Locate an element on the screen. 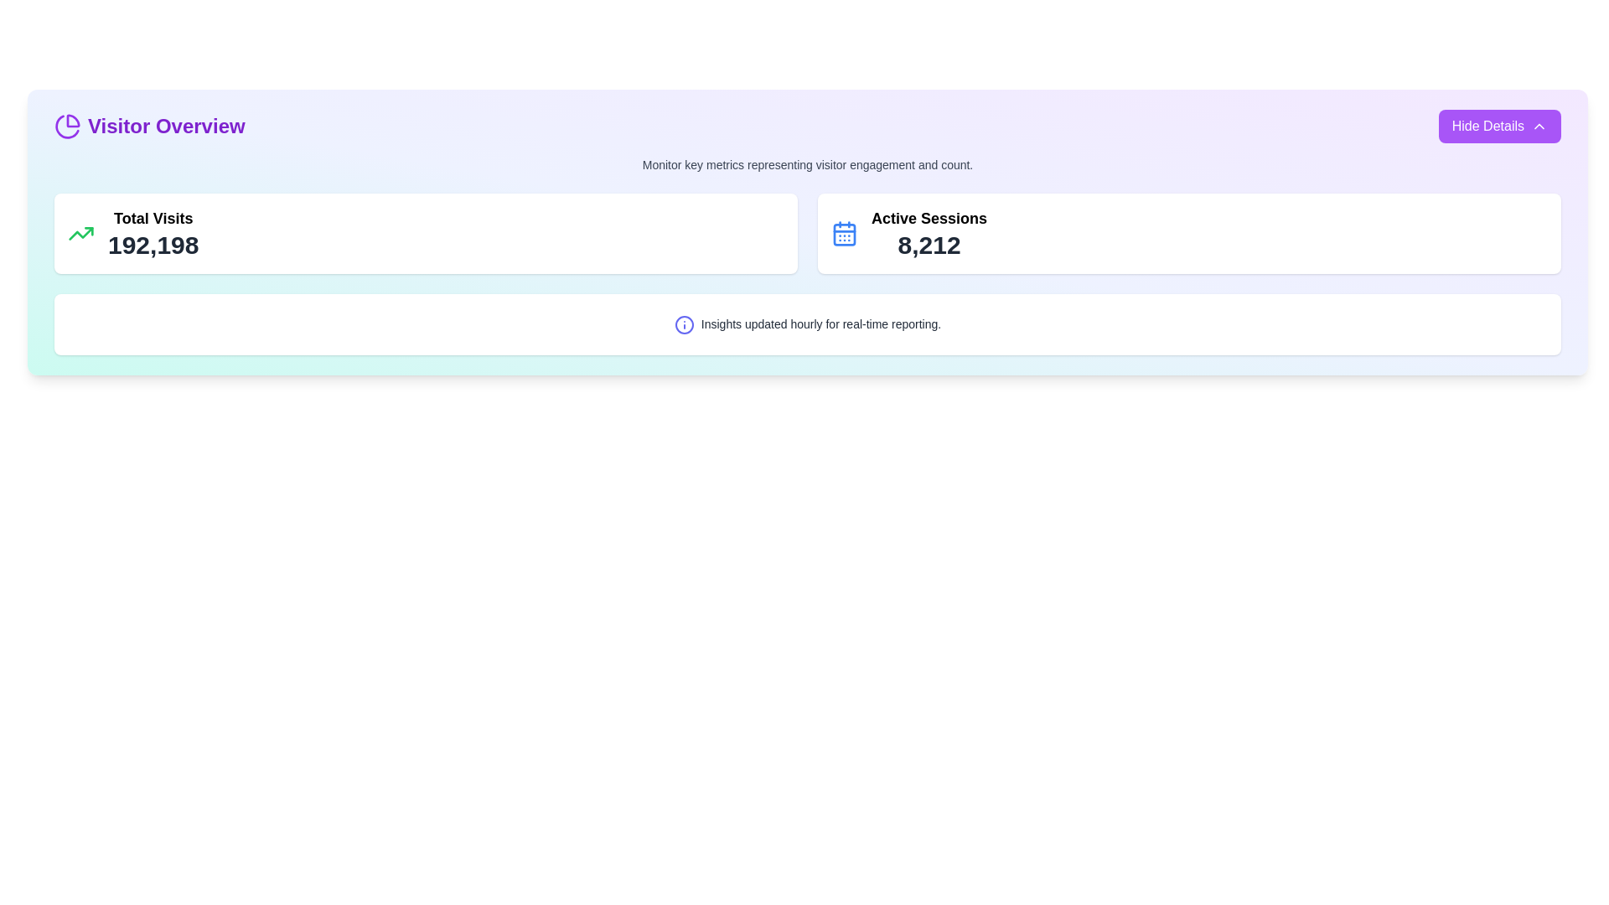 The height and width of the screenshot is (905, 1609). the Static Text Display that shows the total number of visits, located directly below the label 'Total Visits' in the first metric card is located at coordinates (153, 246).